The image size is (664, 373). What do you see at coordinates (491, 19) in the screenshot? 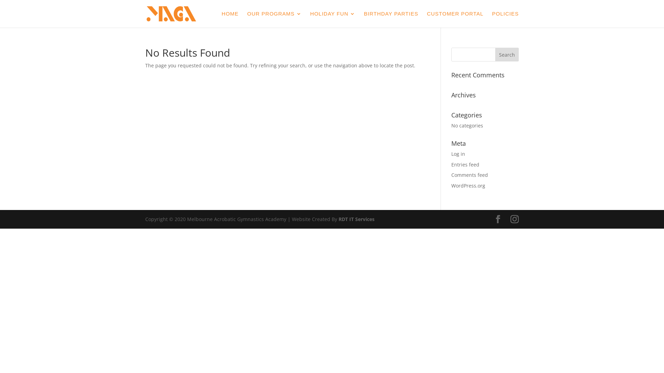
I see `'POLICIES'` at bounding box center [491, 19].